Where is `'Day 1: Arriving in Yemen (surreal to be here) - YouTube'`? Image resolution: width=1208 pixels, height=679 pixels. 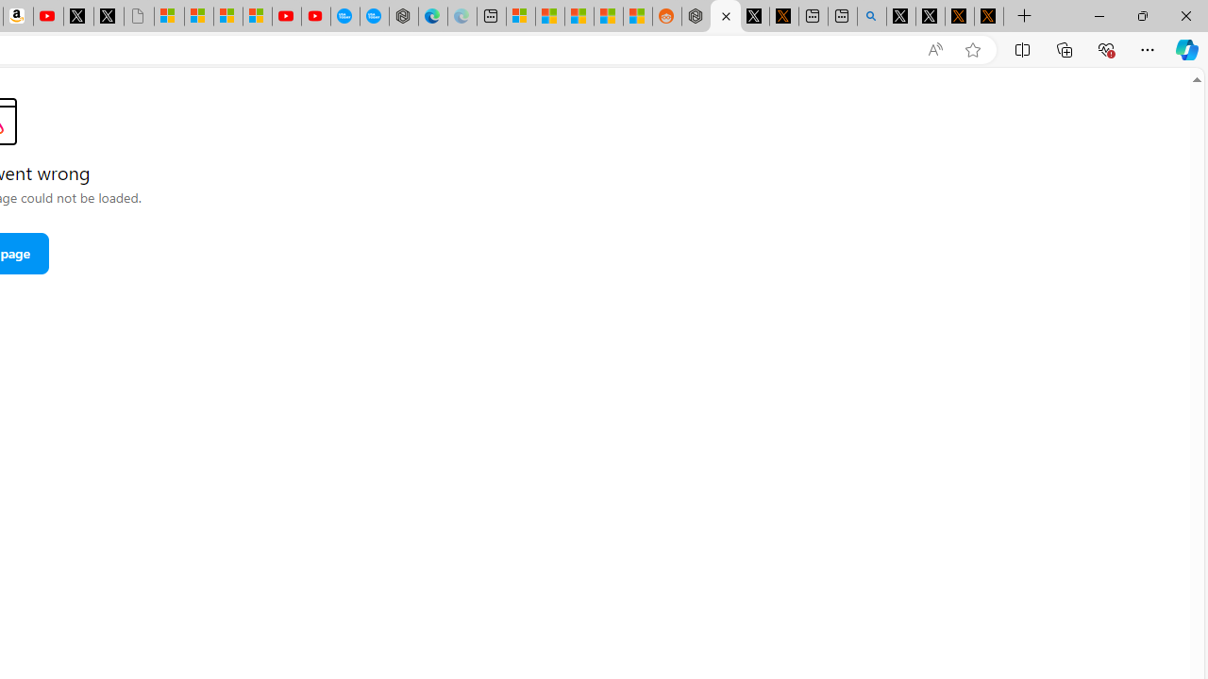 'Day 1: Arriving in Yemen (surreal to be here) - YouTube' is located at coordinates (48, 16).